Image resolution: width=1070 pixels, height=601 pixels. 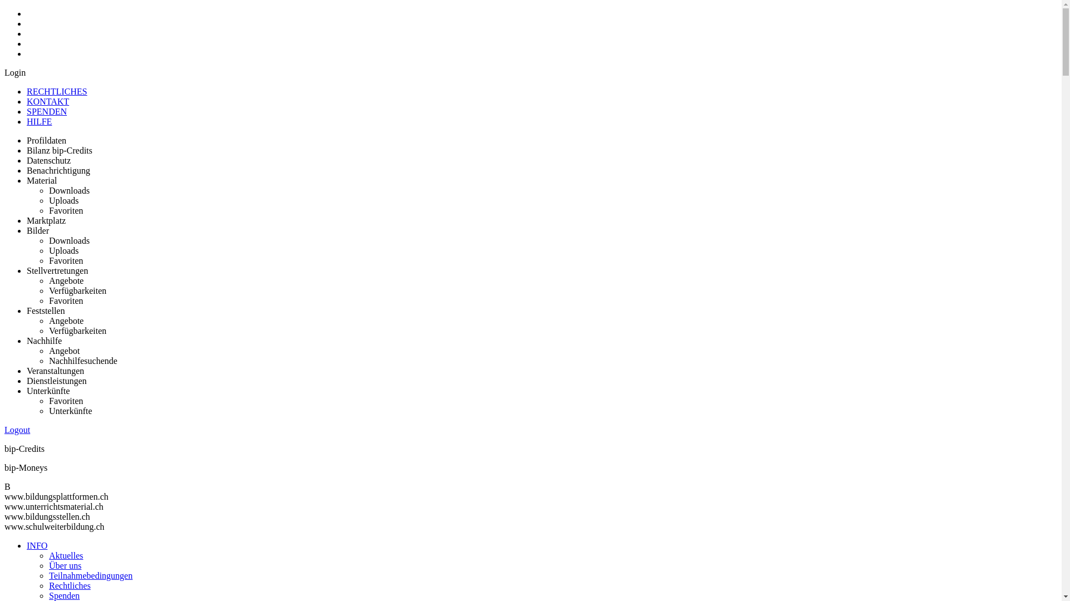 What do you see at coordinates (65, 555) in the screenshot?
I see `'Aktuelles'` at bounding box center [65, 555].